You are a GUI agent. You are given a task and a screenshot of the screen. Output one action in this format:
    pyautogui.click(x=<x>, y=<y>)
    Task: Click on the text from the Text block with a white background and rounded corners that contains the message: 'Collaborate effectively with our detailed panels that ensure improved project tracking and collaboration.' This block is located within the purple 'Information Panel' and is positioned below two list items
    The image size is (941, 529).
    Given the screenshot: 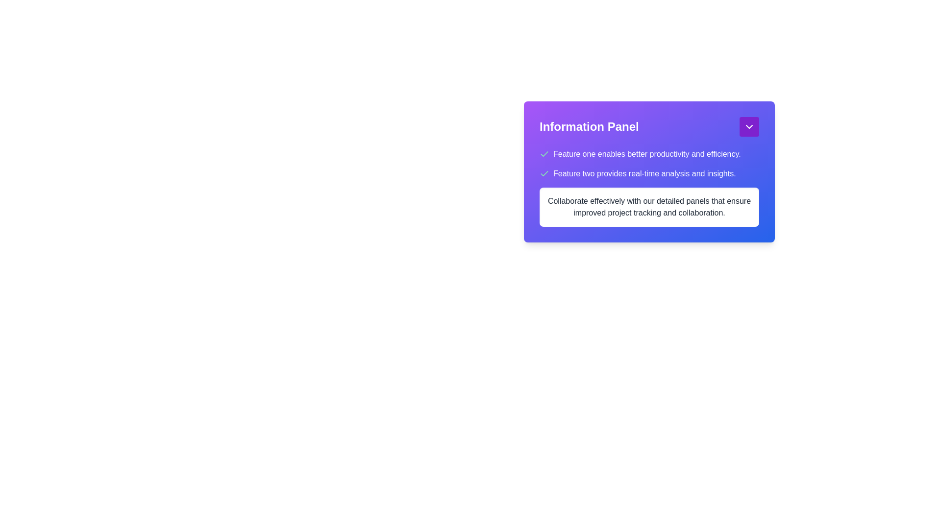 What is the action you would take?
    pyautogui.click(x=649, y=207)
    